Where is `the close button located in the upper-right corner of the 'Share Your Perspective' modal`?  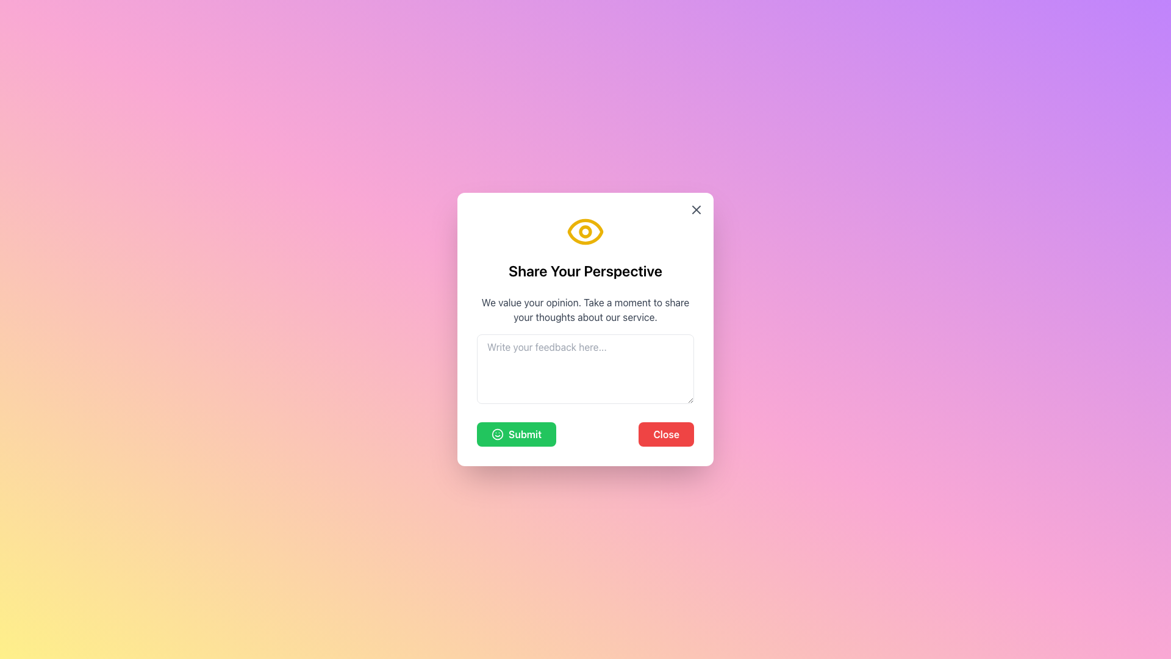 the close button located in the upper-right corner of the 'Share Your Perspective' modal is located at coordinates (697, 209).